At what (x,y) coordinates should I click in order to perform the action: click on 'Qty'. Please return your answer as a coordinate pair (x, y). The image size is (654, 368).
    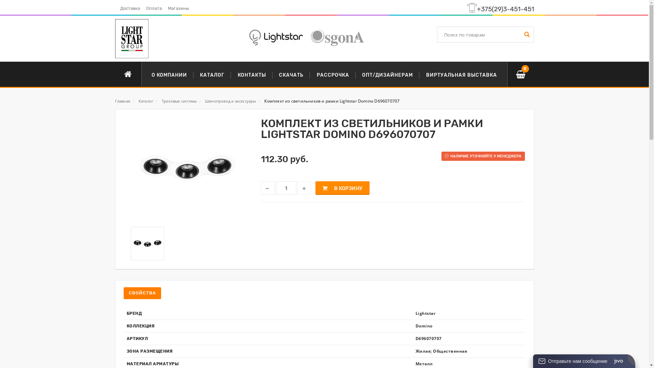
    Looking at the image, I should click on (286, 188).